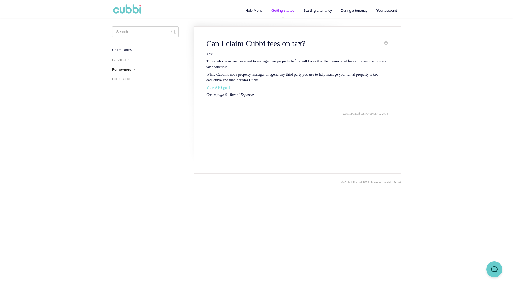 The image size is (513, 288). Describe the element at coordinates (145, 32) in the screenshot. I see `'search-query'` at that location.